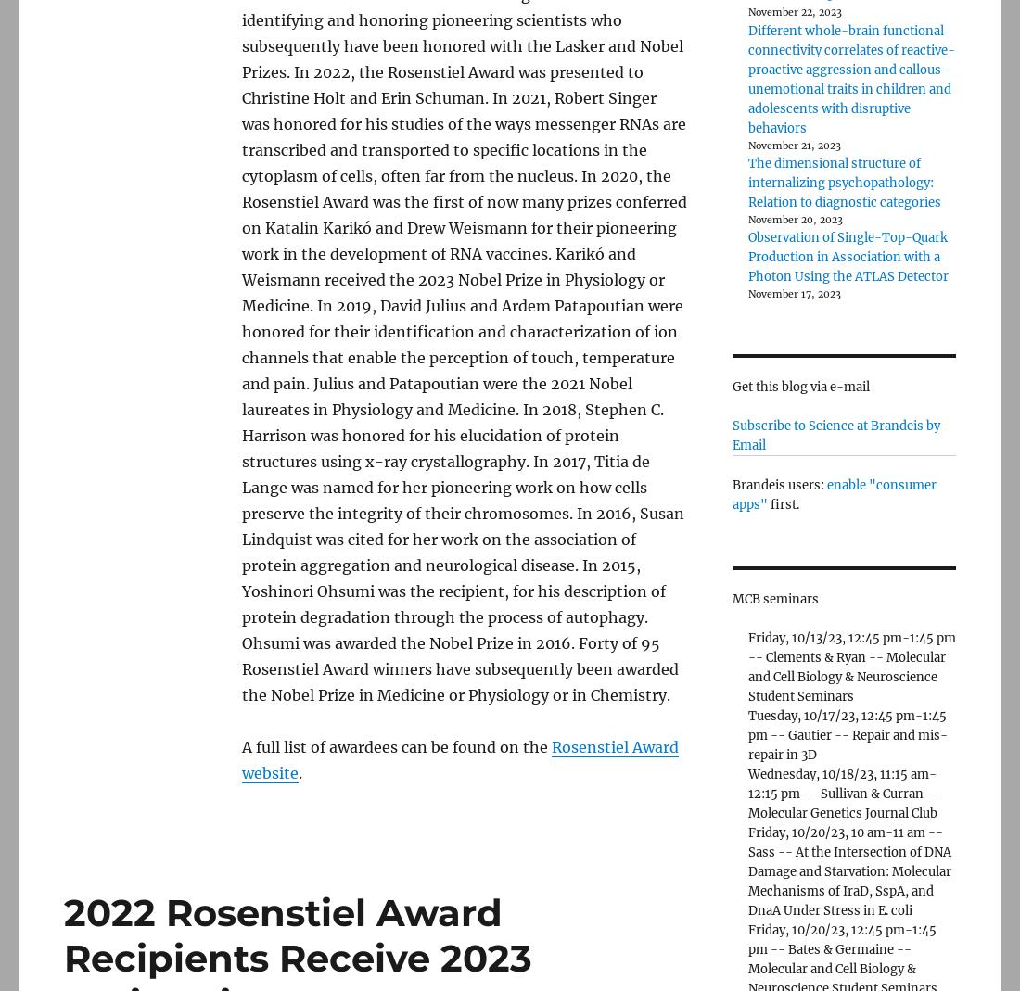  What do you see at coordinates (847, 255) in the screenshot?
I see `'Observation of Single-Top-Quark Production in Association with a Photon Using the ATLAS Detector'` at bounding box center [847, 255].